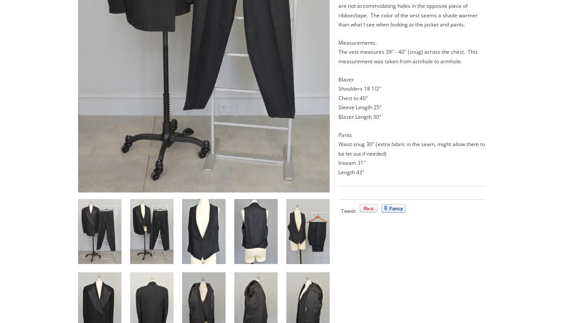 The height and width of the screenshot is (323, 564). What do you see at coordinates (344, 134) in the screenshot?
I see `'Pants'` at bounding box center [344, 134].